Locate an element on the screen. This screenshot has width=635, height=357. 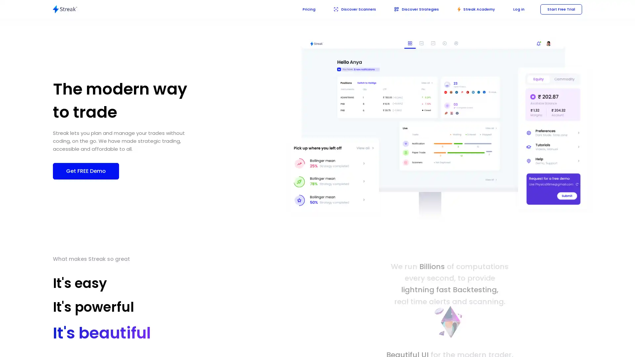
It's easy is located at coordinates (79, 283).